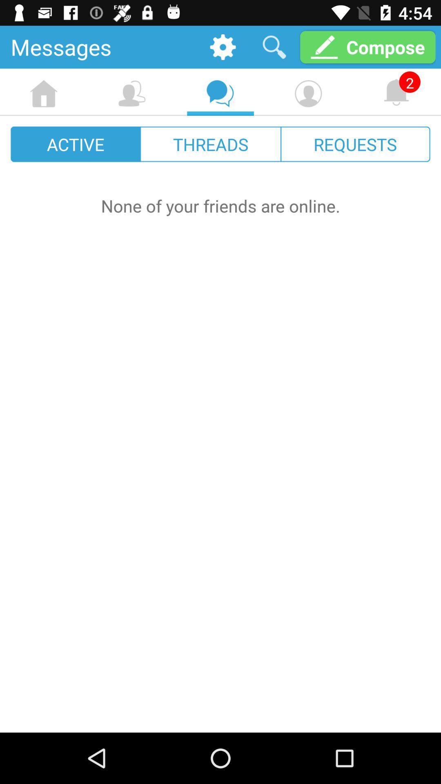 The width and height of the screenshot is (441, 784). What do you see at coordinates (210, 144) in the screenshot?
I see `the icon to the left of the requests` at bounding box center [210, 144].